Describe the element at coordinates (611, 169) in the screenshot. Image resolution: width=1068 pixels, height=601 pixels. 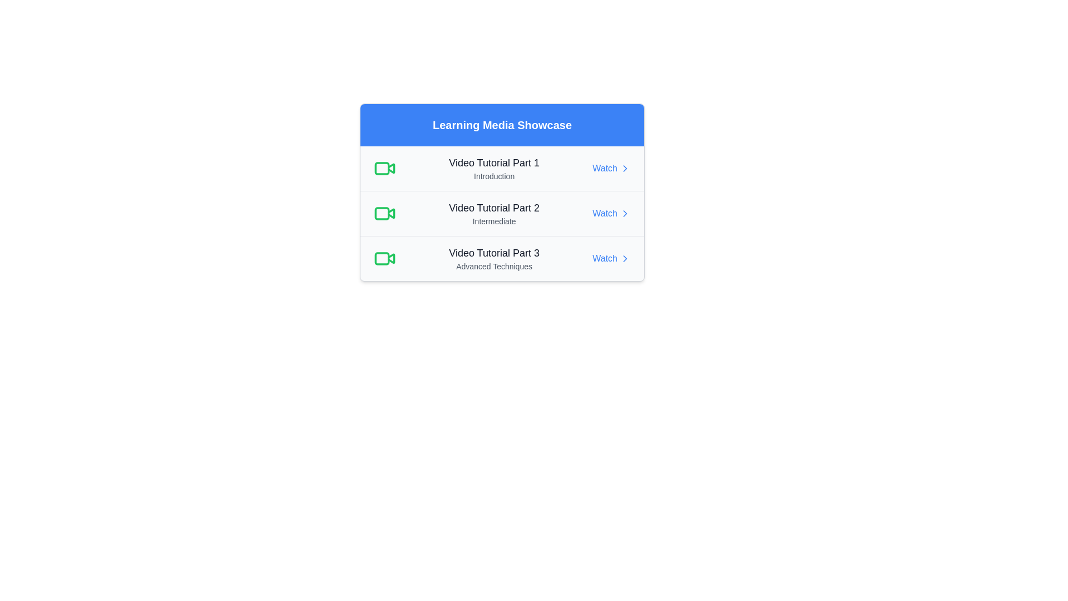
I see `the 'Watch' text link with icon, located in the row titled 'Video Tutorial Part 1' in the 'Learning Media Showcase' section` at that location.